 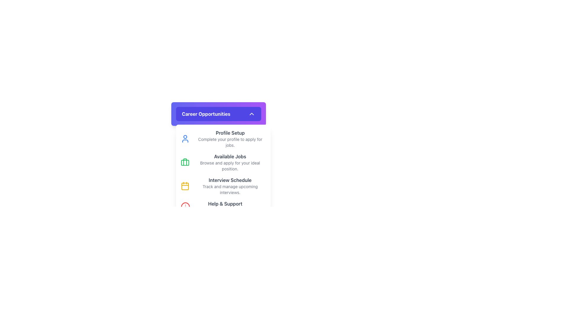 I want to click on the 'Help & Support' text display with an information icon styled in red, located below the 'Interview Schedule' item in the Career Opportunities section, so click(x=223, y=206).